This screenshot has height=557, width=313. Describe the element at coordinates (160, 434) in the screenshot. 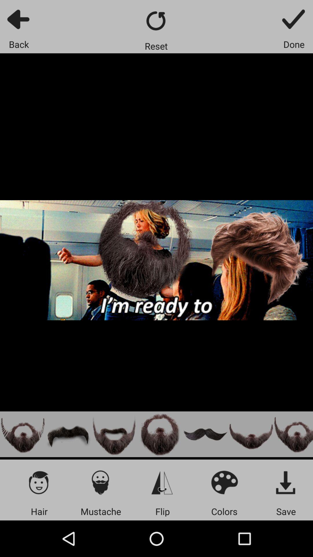

I see `photo edit insert item` at that location.